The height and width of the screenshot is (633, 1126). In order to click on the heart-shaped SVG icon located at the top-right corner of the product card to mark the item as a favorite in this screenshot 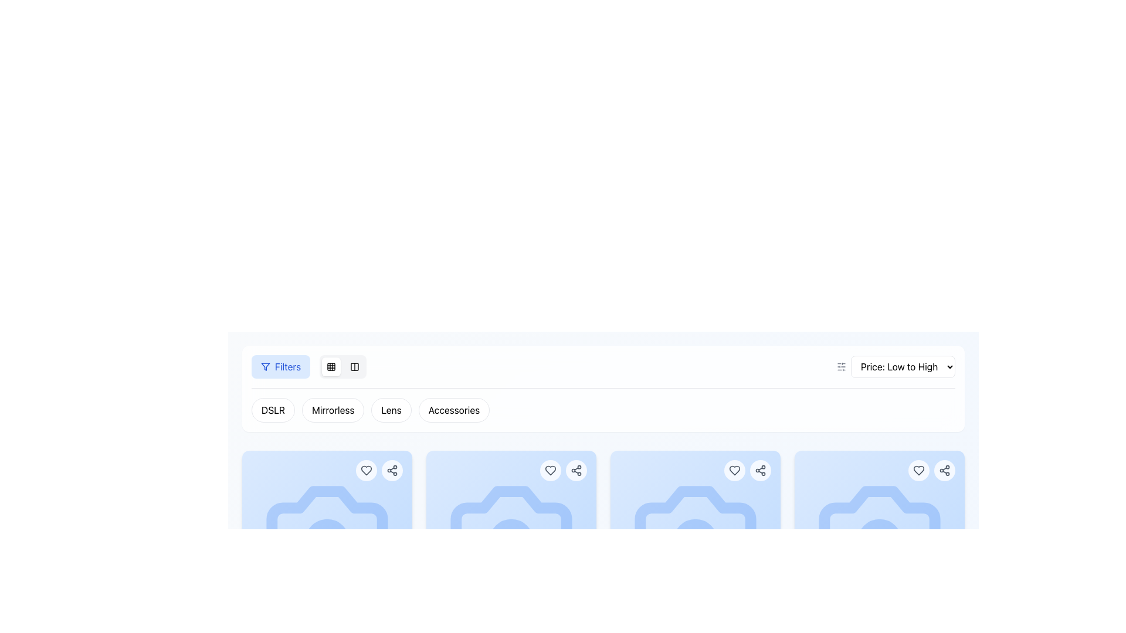, I will do `click(918, 469)`.